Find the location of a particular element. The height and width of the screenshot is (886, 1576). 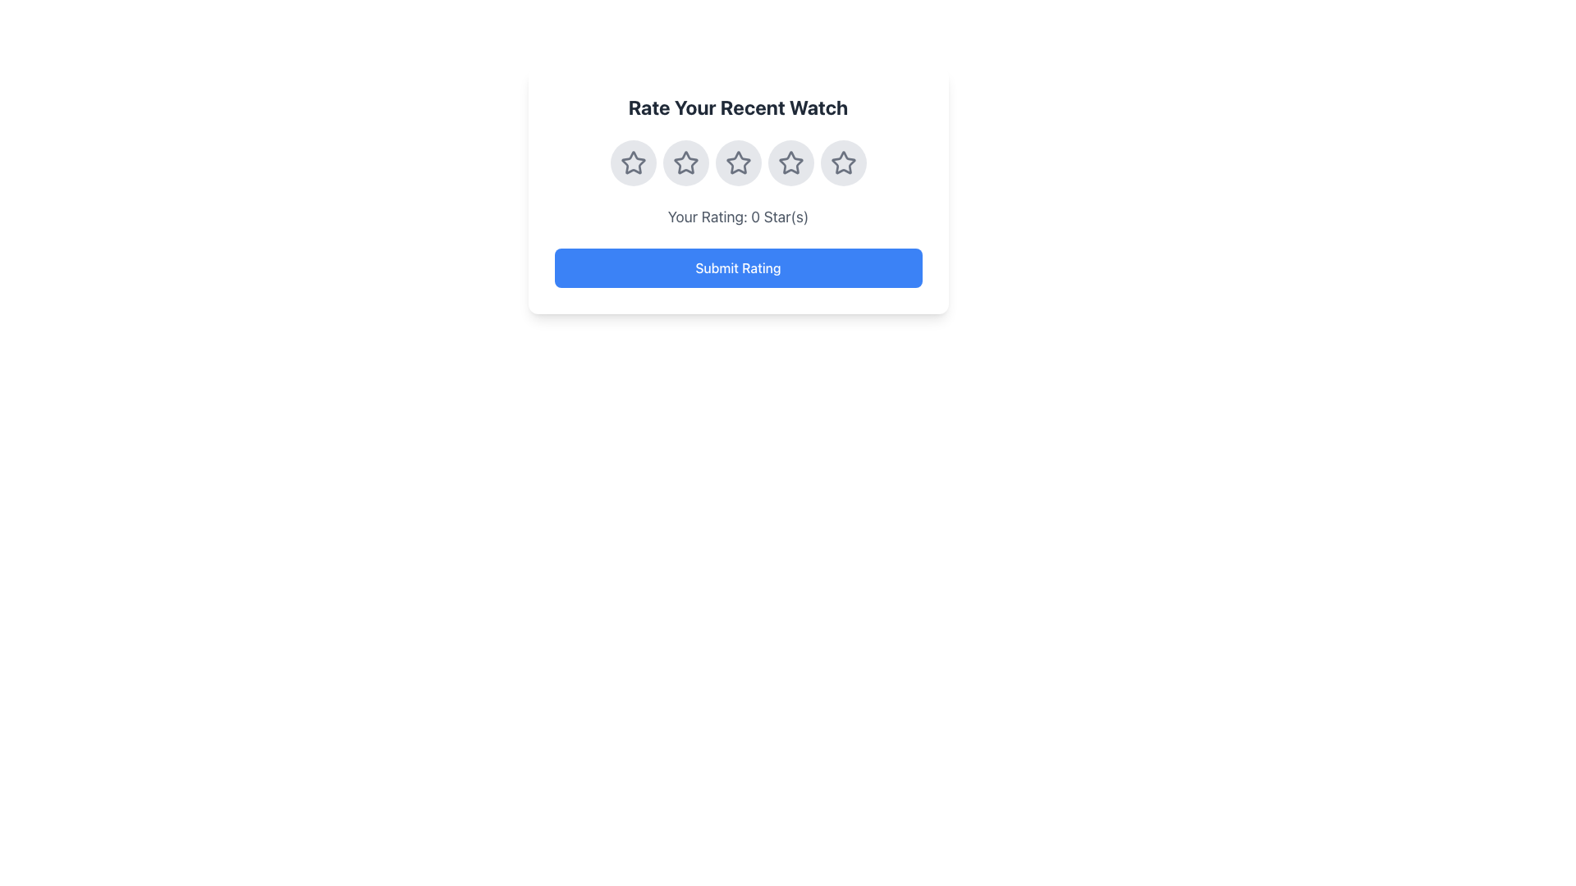

the third star icon in the rating system for a highlight effect is located at coordinates (790, 163).